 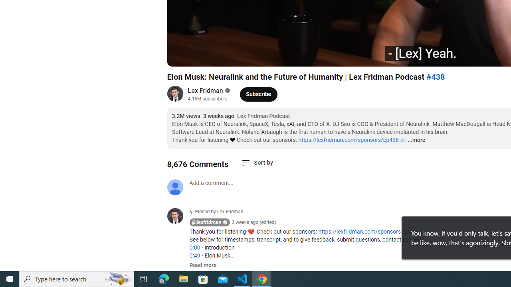 What do you see at coordinates (435, 77) in the screenshot?
I see `'#438'` at bounding box center [435, 77].